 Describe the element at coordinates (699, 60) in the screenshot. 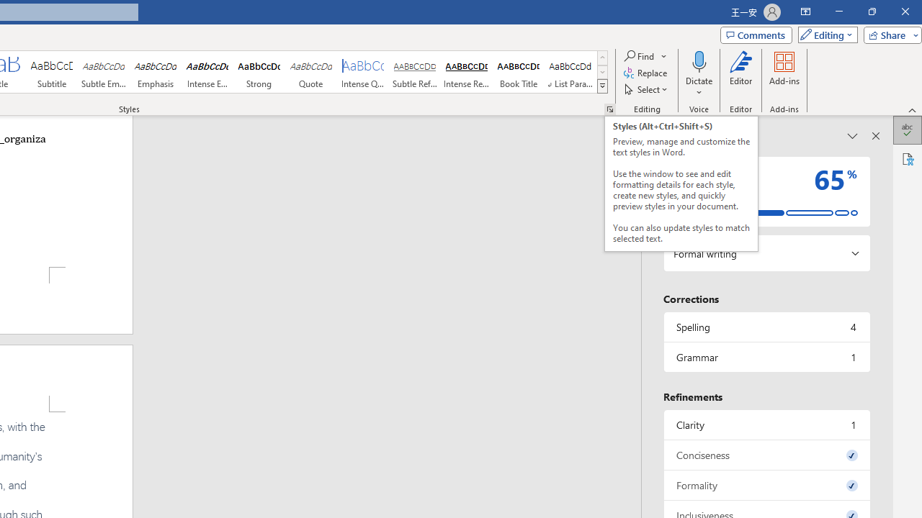

I see `'Dictate'` at that location.